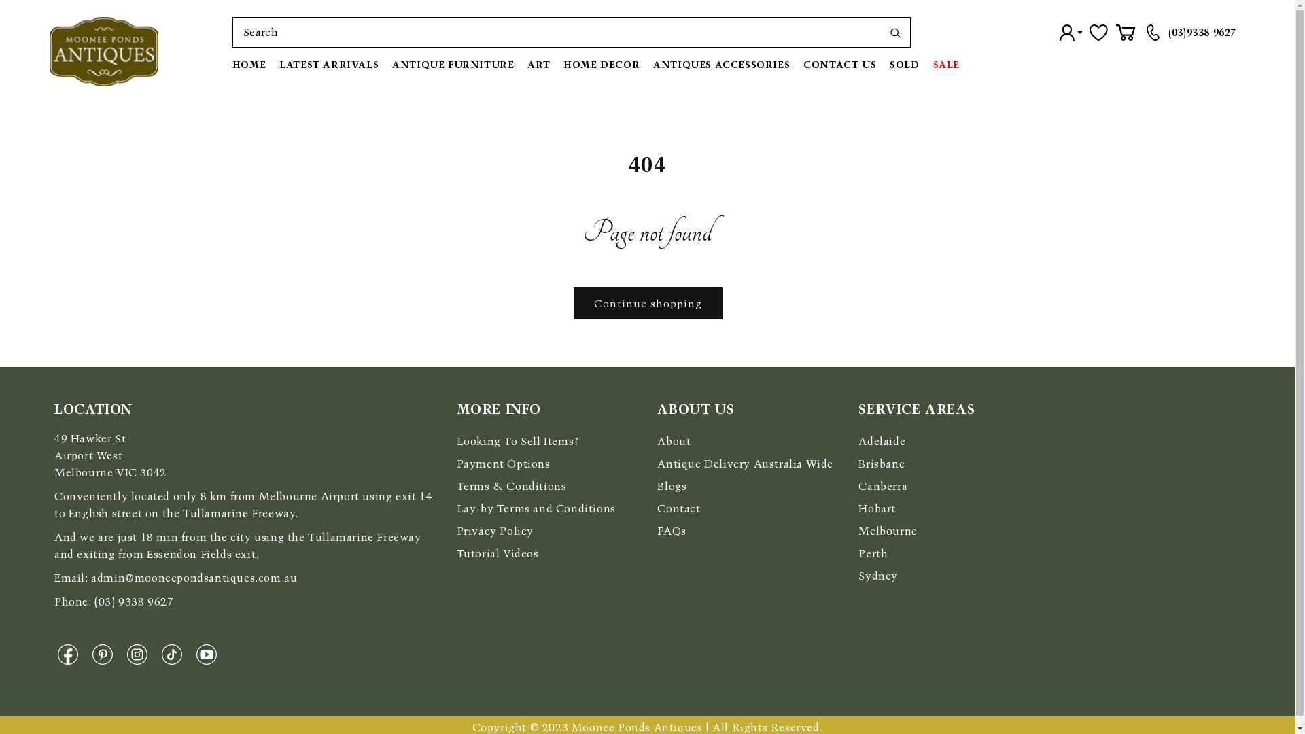 The width and height of the screenshot is (1305, 734). What do you see at coordinates (672, 485) in the screenshot?
I see `'Blogs'` at bounding box center [672, 485].